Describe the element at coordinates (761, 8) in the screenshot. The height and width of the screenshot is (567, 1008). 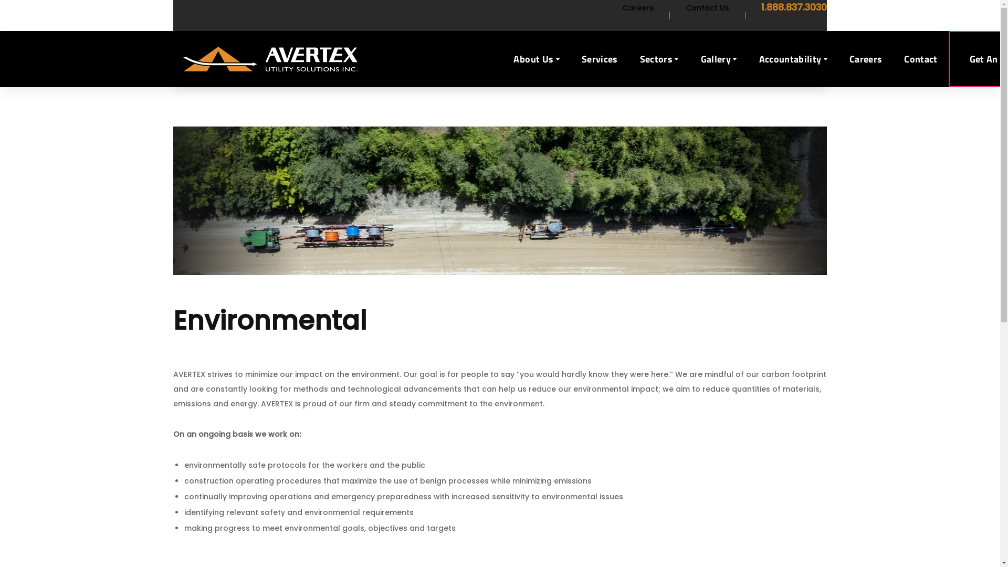
I see `'1.888.837.3030'` at that location.